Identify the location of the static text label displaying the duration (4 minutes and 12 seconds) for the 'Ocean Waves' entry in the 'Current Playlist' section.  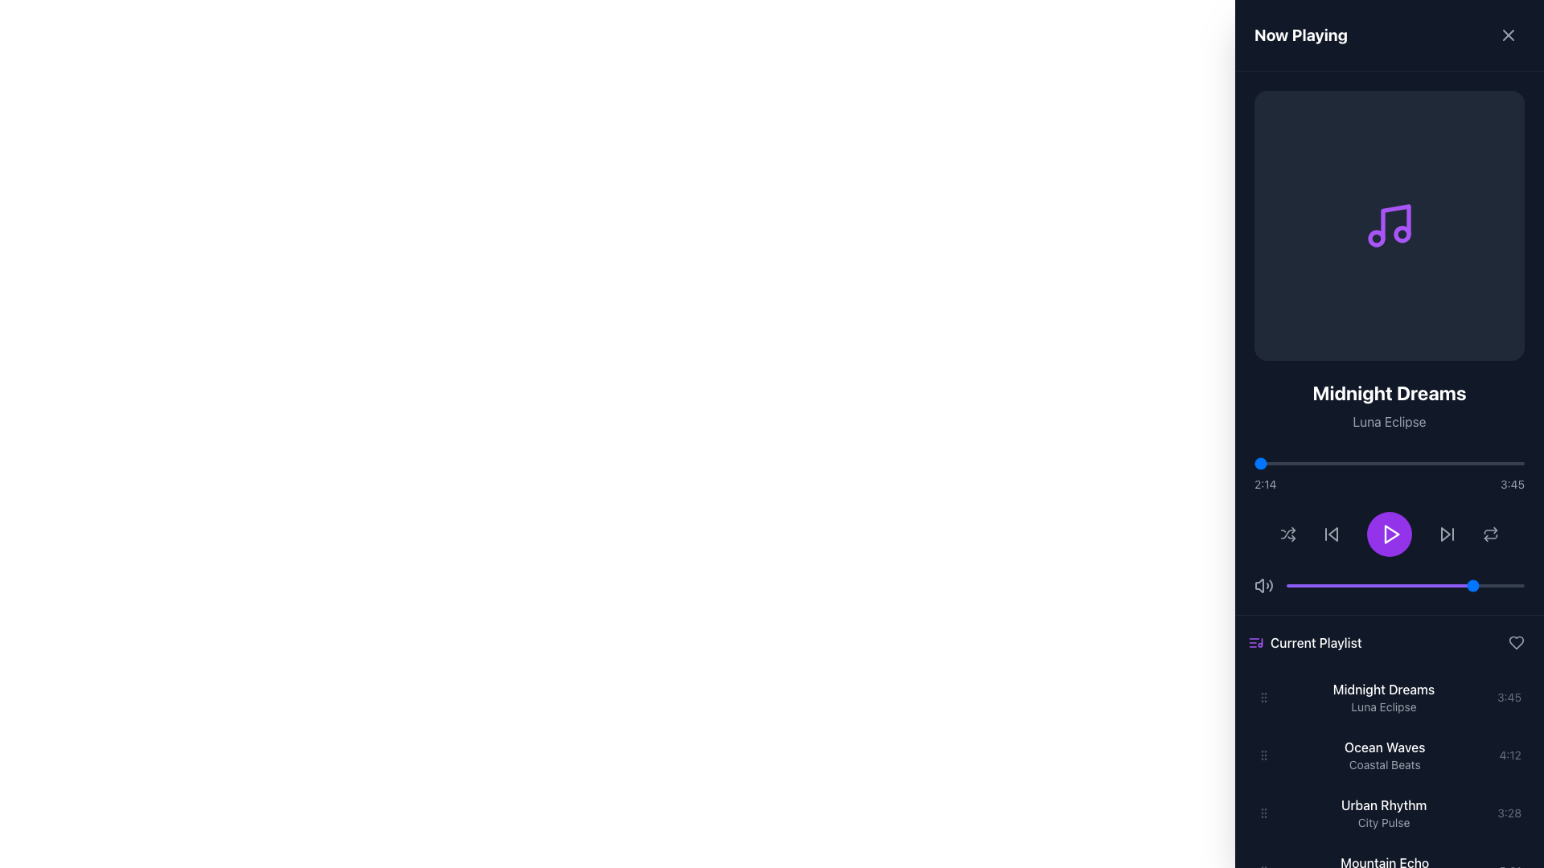
(1509, 755).